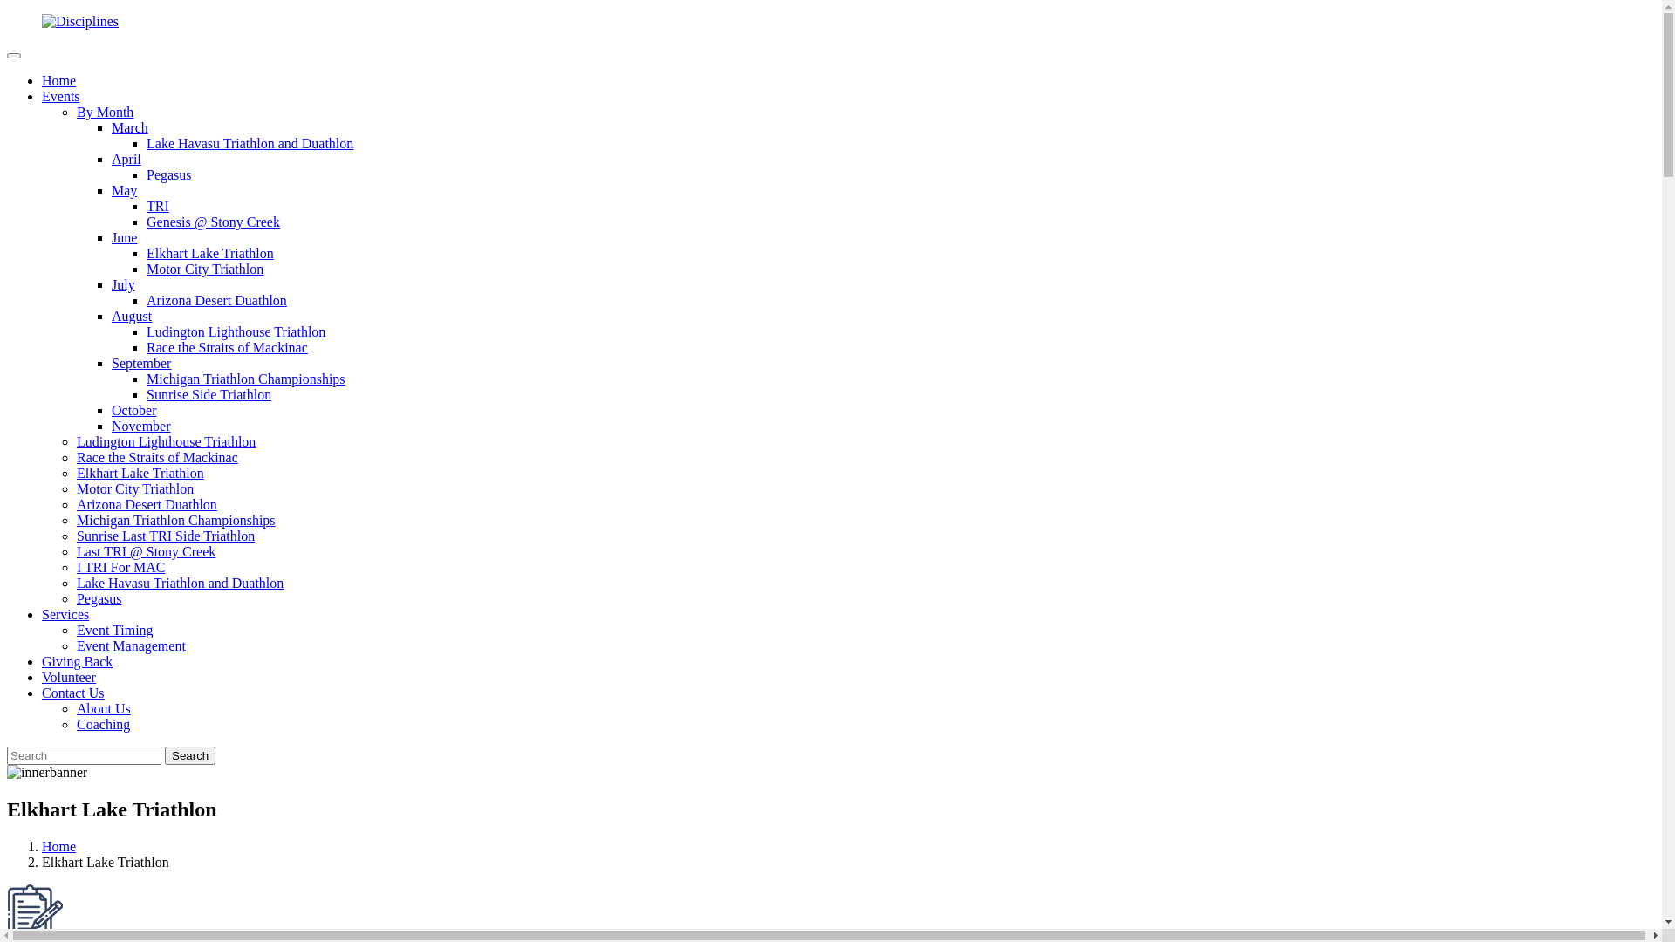 This screenshot has height=942, width=1675. Describe the element at coordinates (175, 519) in the screenshot. I see `'Michigan Triathlon Championships'` at that location.